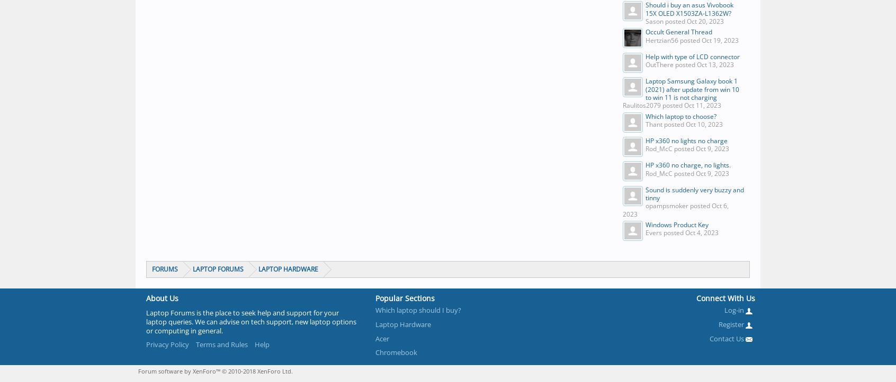  Describe the element at coordinates (728, 338) in the screenshot. I see `'Contact Us'` at that location.